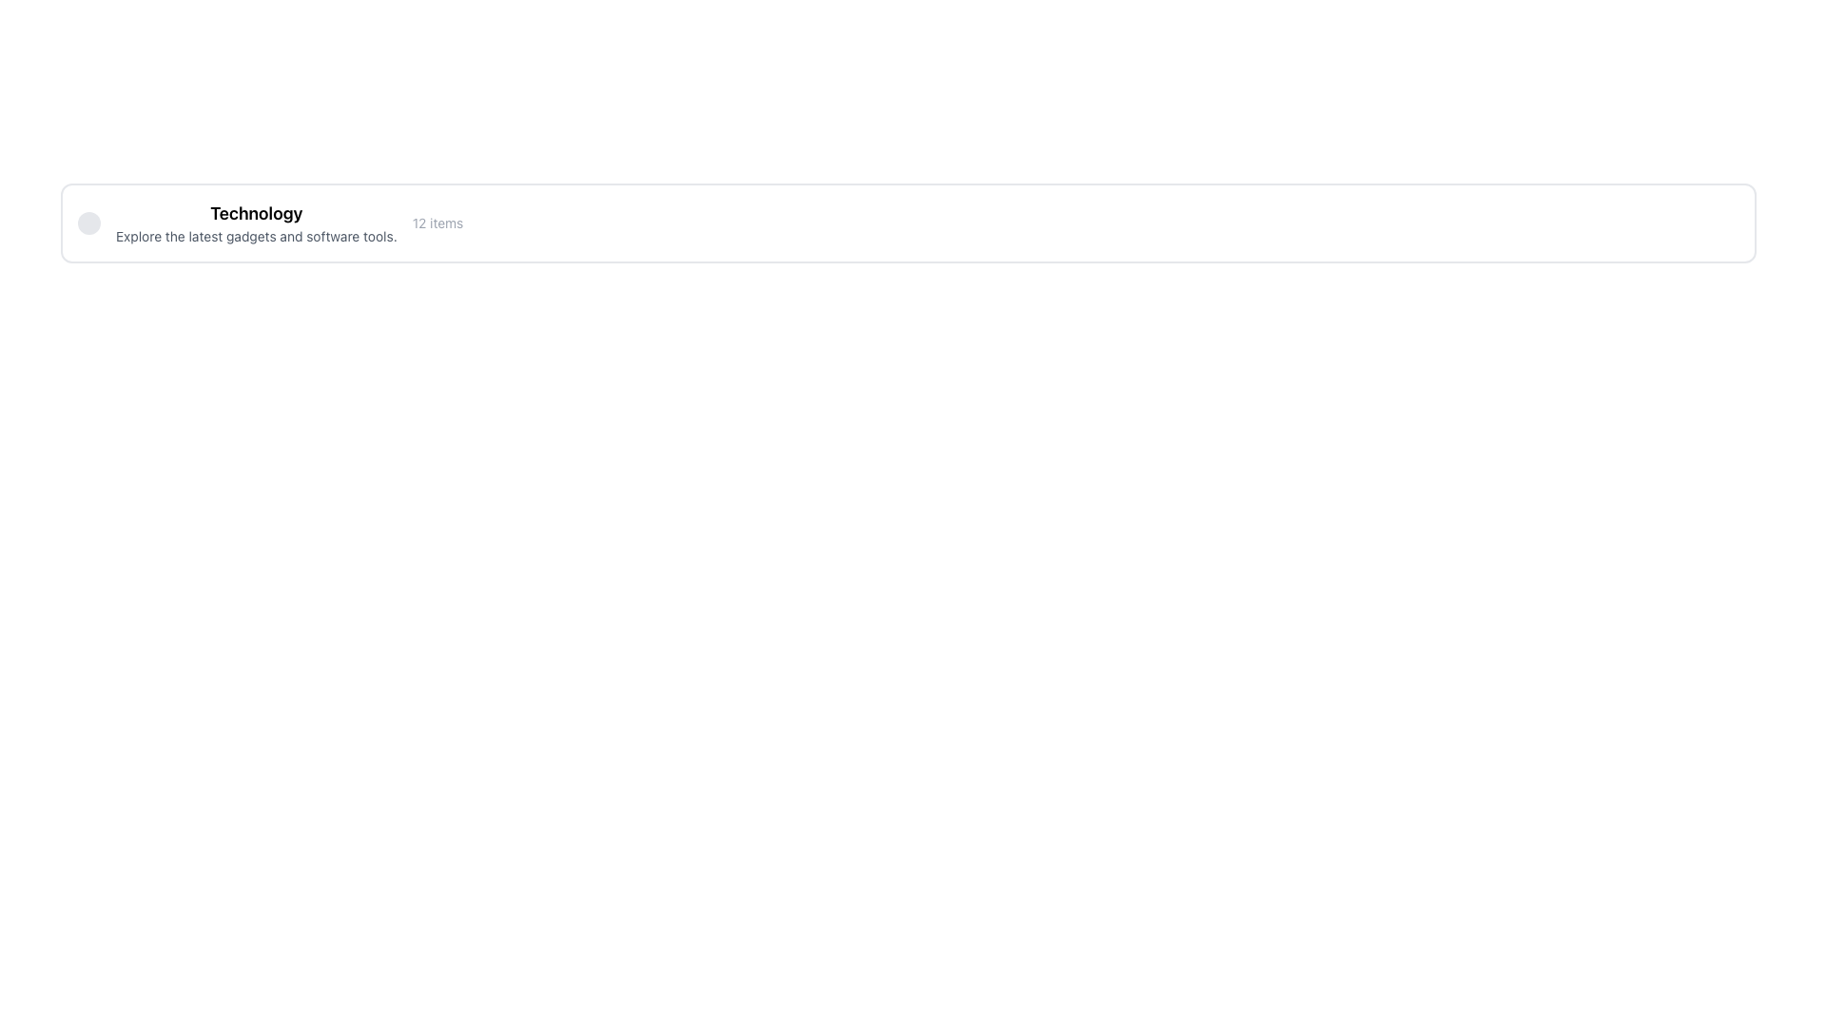 The image size is (1826, 1027). Describe the element at coordinates (907, 223) in the screenshot. I see `the 'Technology' card` at that location.